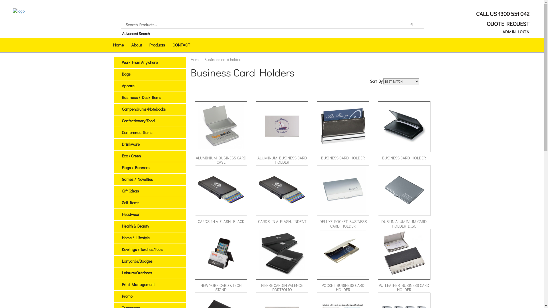  What do you see at coordinates (342, 253) in the screenshot?
I see `'Pocket Business Card Holder (8839_NOTT)'` at bounding box center [342, 253].